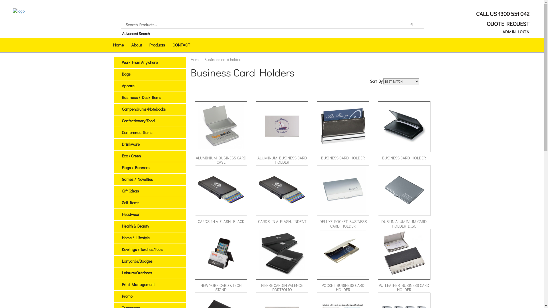  What do you see at coordinates (342, 253) in the screenshot?
I see `'Pocket Business Card Holder (8839_NOTT)'` at bounding box center [342, 253].